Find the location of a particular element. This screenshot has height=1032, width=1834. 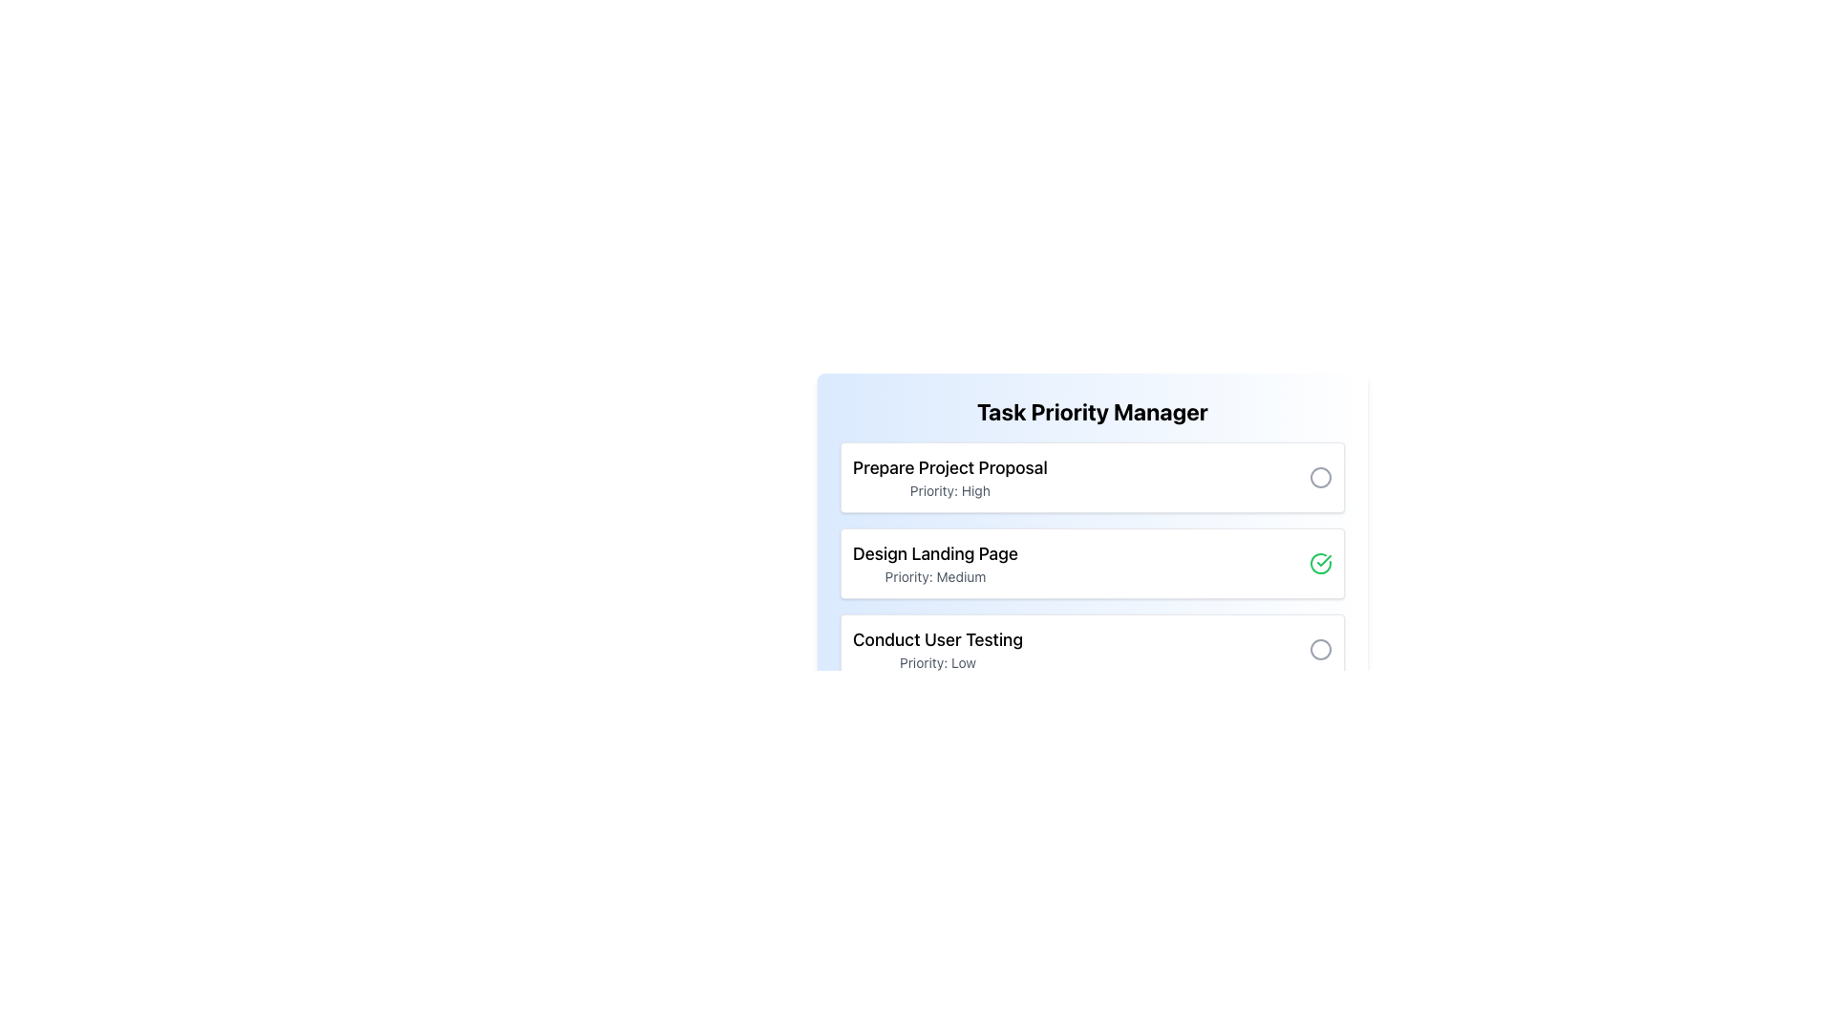

the text label displaying 'Prepare Project Proposal', which is located at the top of the grouped task list in the Task Priority Manager is located at coordinates (949, 467).